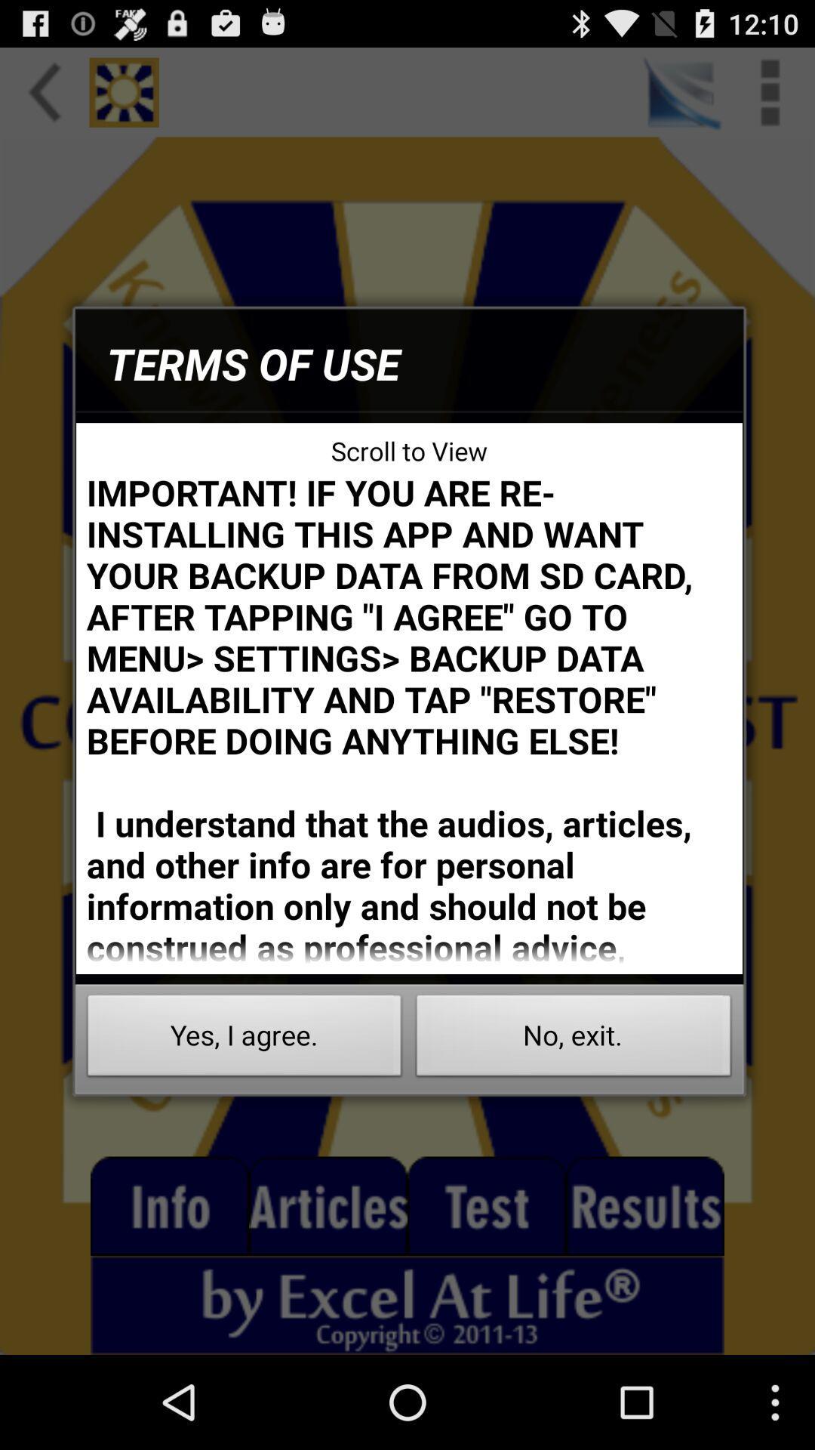 Image resolution: width=815 pixels, height=1450 pixels. I want to click on no, exit. at the bottom right corner, so click(574, 1039).